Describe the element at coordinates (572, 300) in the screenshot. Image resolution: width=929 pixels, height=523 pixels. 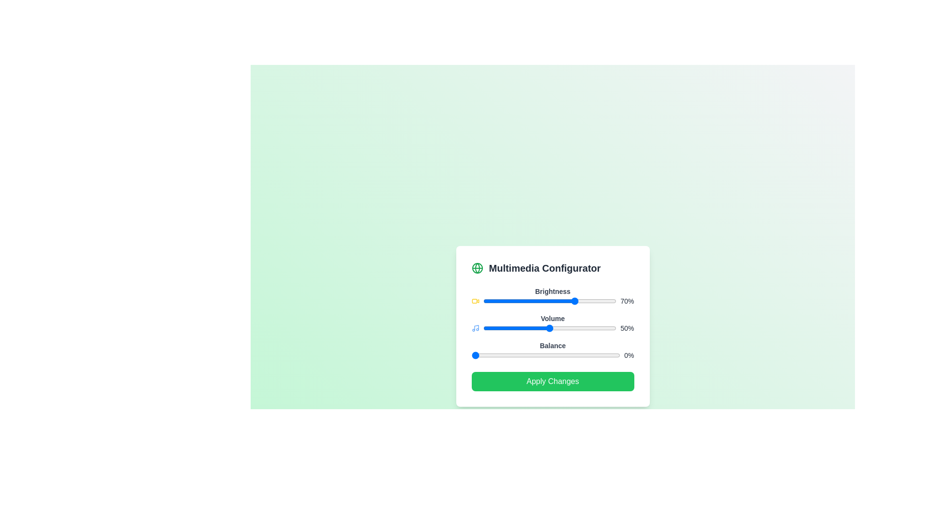
I see `the brightness slider to 67%` at that location.